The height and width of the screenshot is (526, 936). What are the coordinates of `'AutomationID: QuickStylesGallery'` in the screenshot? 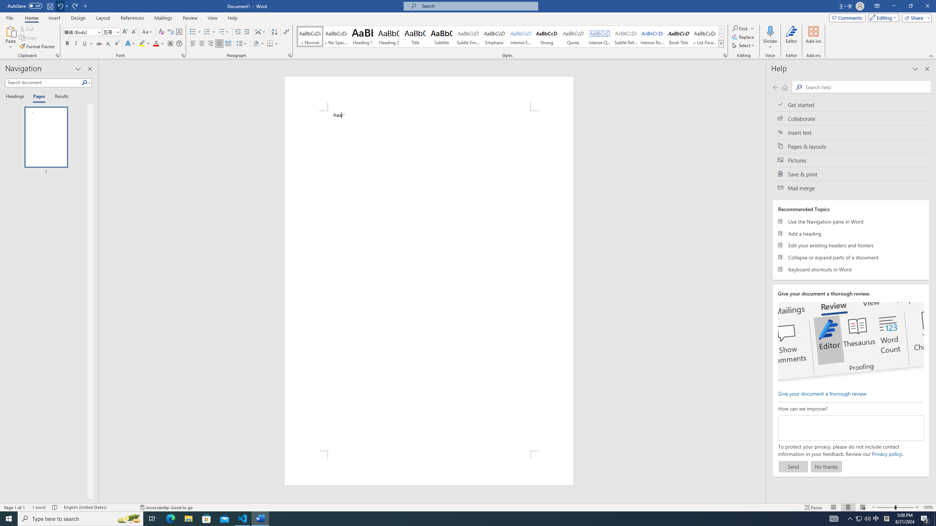 It's located at (510, 36).